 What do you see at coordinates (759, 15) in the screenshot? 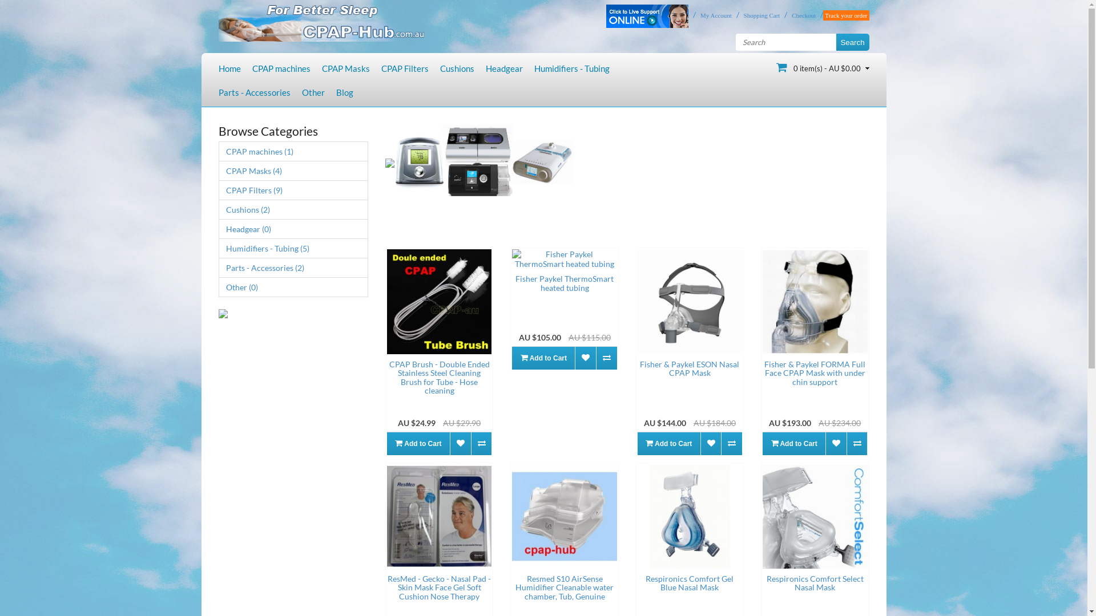
I see `'Shopping Cart'` at bounding box center [759, 15].